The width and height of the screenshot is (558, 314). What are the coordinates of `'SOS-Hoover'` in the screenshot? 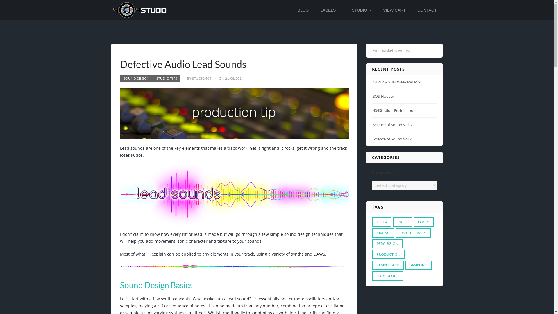 It's located at (383, 96).